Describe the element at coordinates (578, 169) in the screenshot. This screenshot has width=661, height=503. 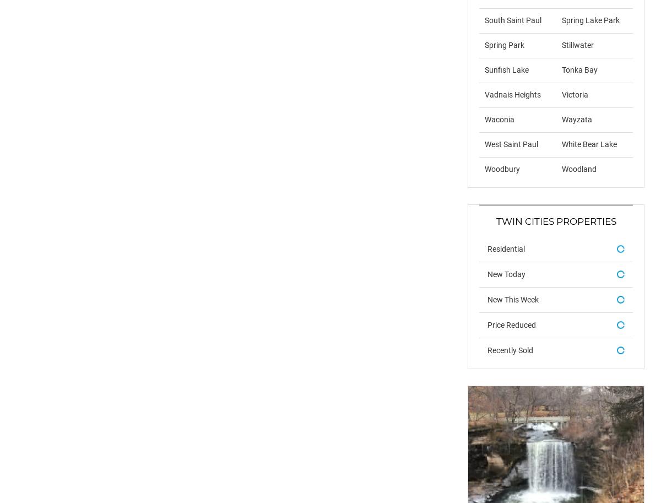
I see `'Woodland'` at that location.